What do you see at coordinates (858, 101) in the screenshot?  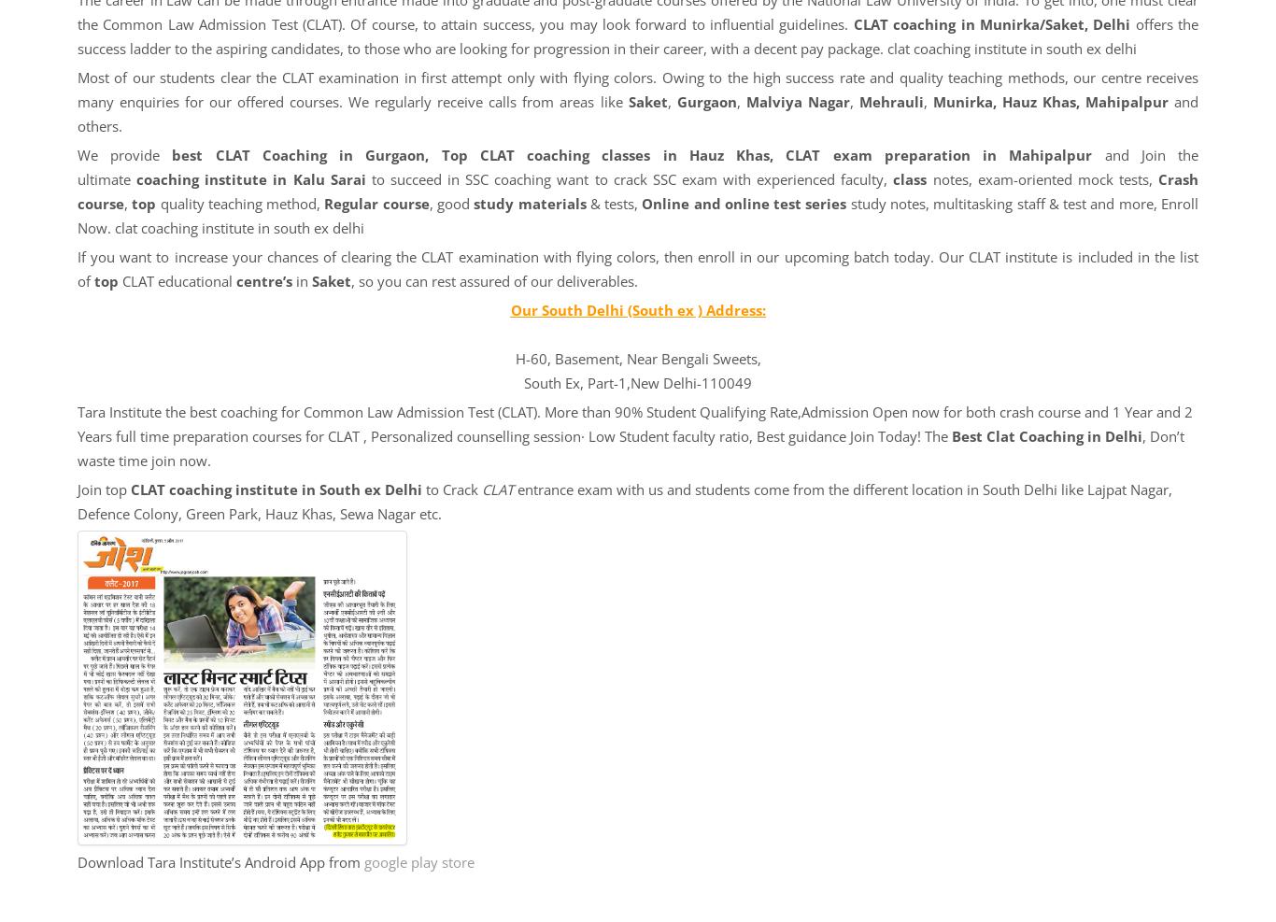 I see `'Mehrauli'` at bounding box center [858, 101].